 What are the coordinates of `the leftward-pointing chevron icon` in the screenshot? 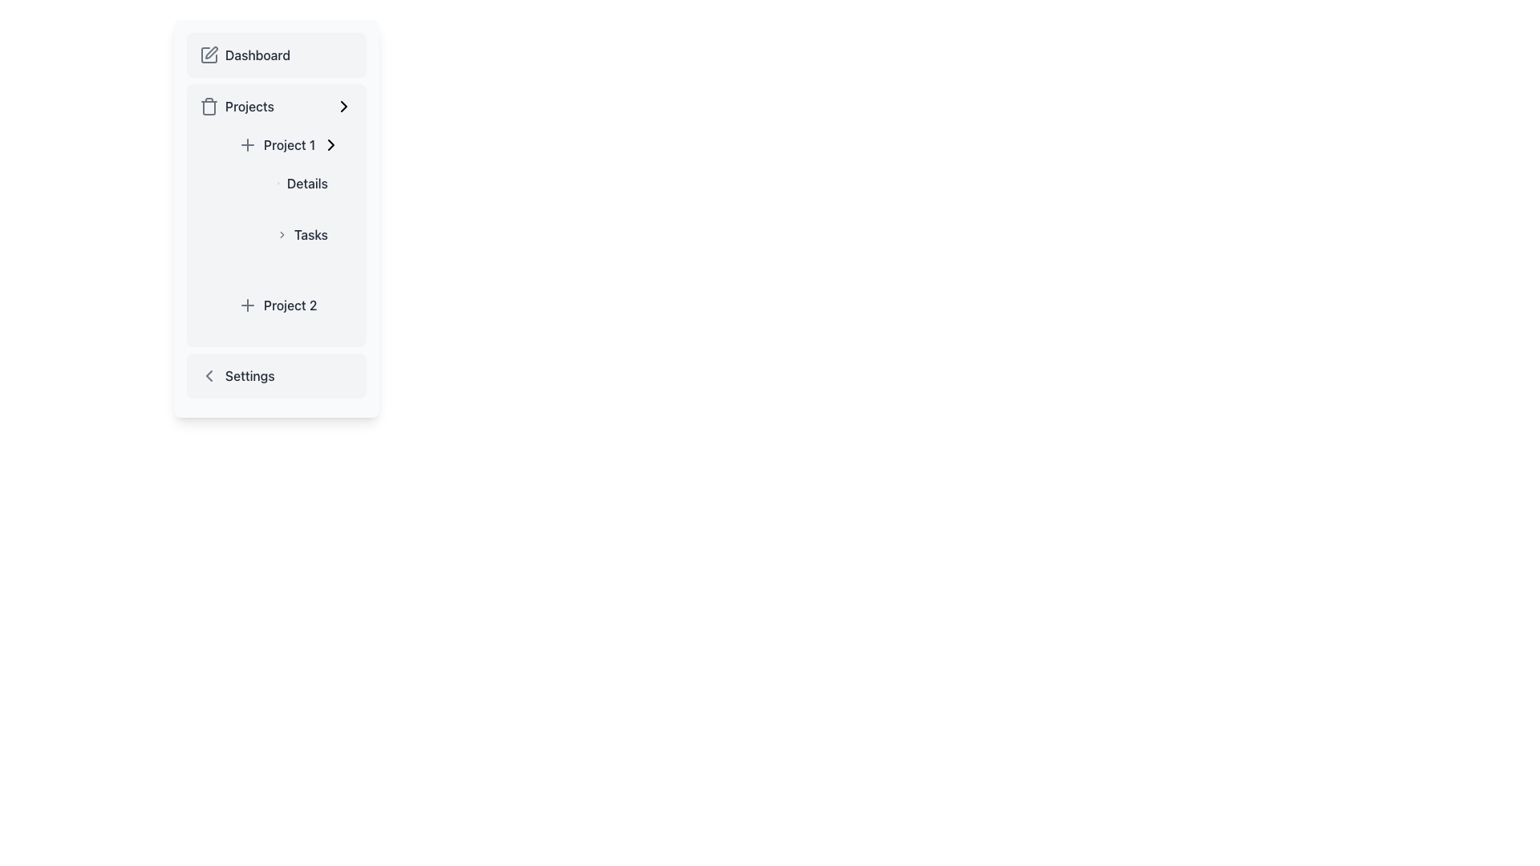 It's located at (208, 376).